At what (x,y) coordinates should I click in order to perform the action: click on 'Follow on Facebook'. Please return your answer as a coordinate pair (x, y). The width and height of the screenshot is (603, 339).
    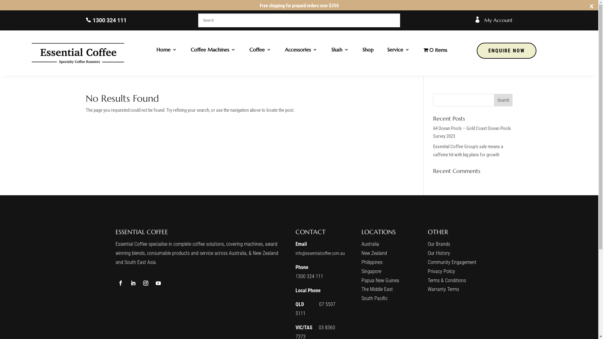
    Looking at the image, I should click on (116, 283).